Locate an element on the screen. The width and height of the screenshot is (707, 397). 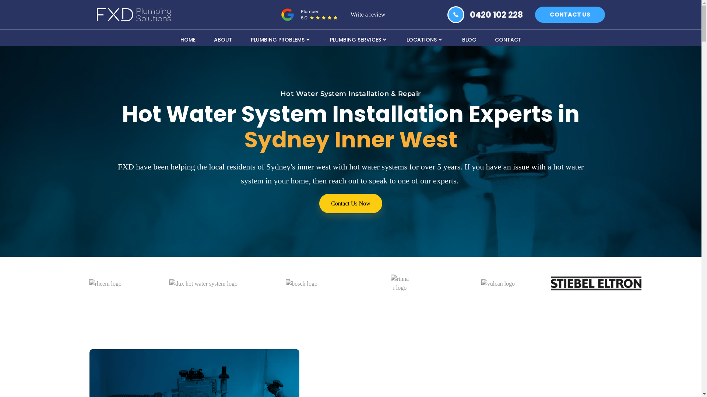
'LOCATIONS' is located at coordinates (425, 39).